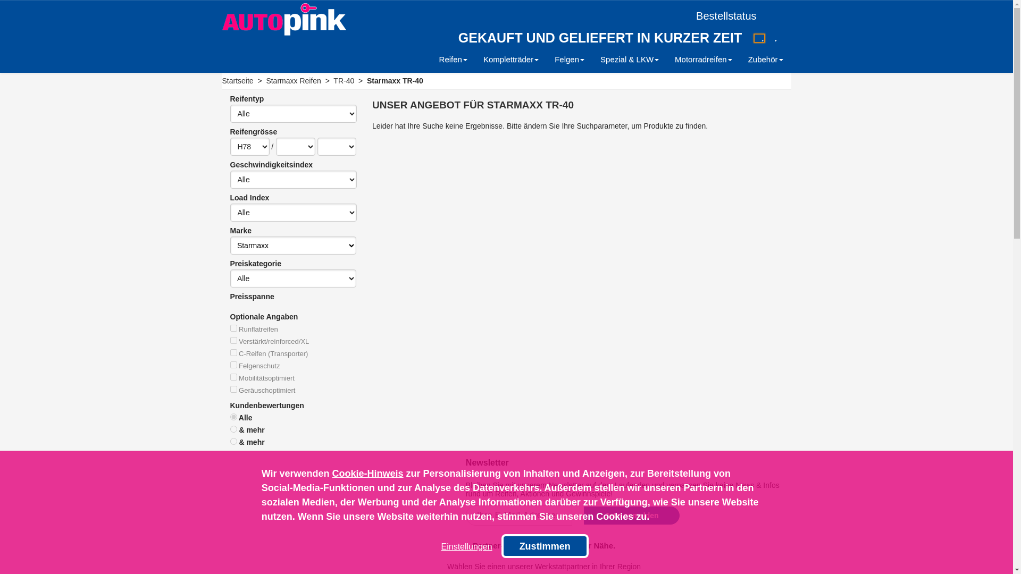  Describe the element at coordinates (758, 38) in the screenshot. I see `'[DE]'` at that location.